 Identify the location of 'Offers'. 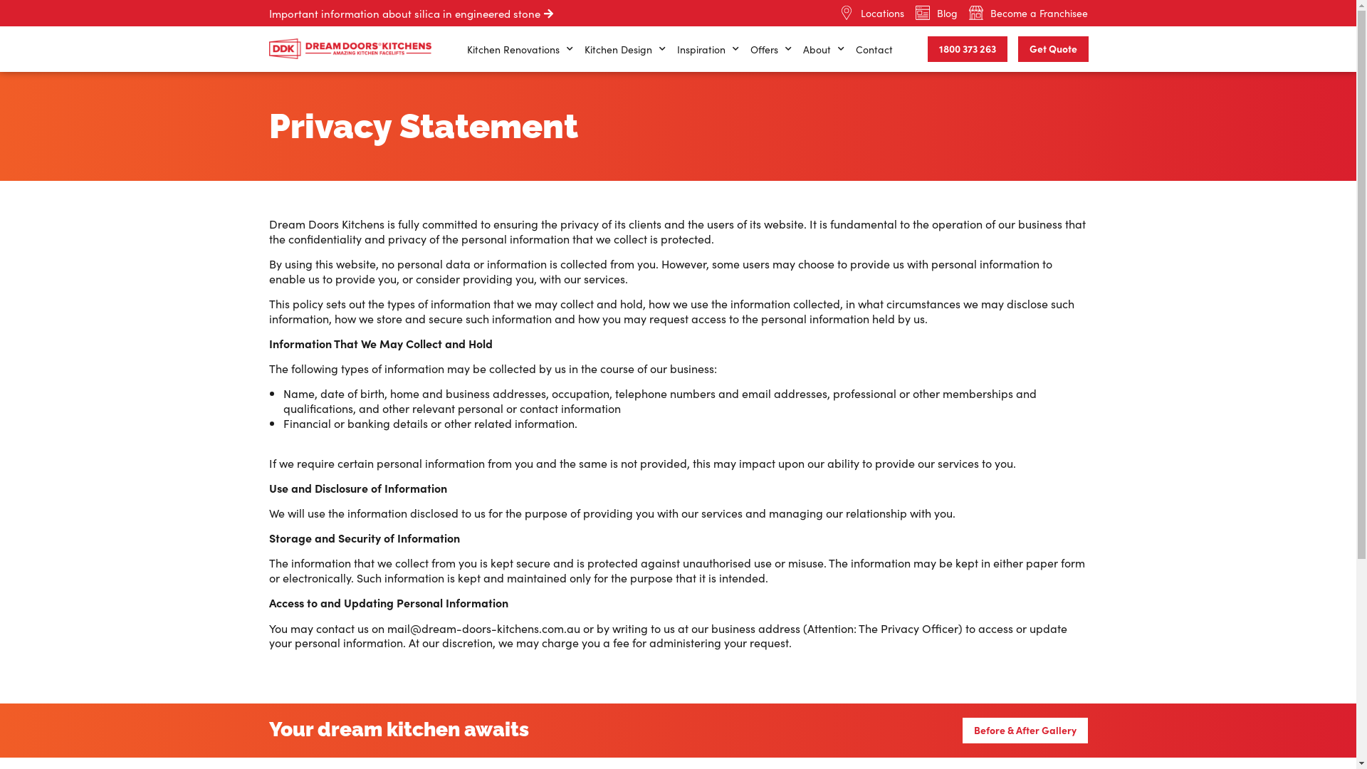
(770, 48).